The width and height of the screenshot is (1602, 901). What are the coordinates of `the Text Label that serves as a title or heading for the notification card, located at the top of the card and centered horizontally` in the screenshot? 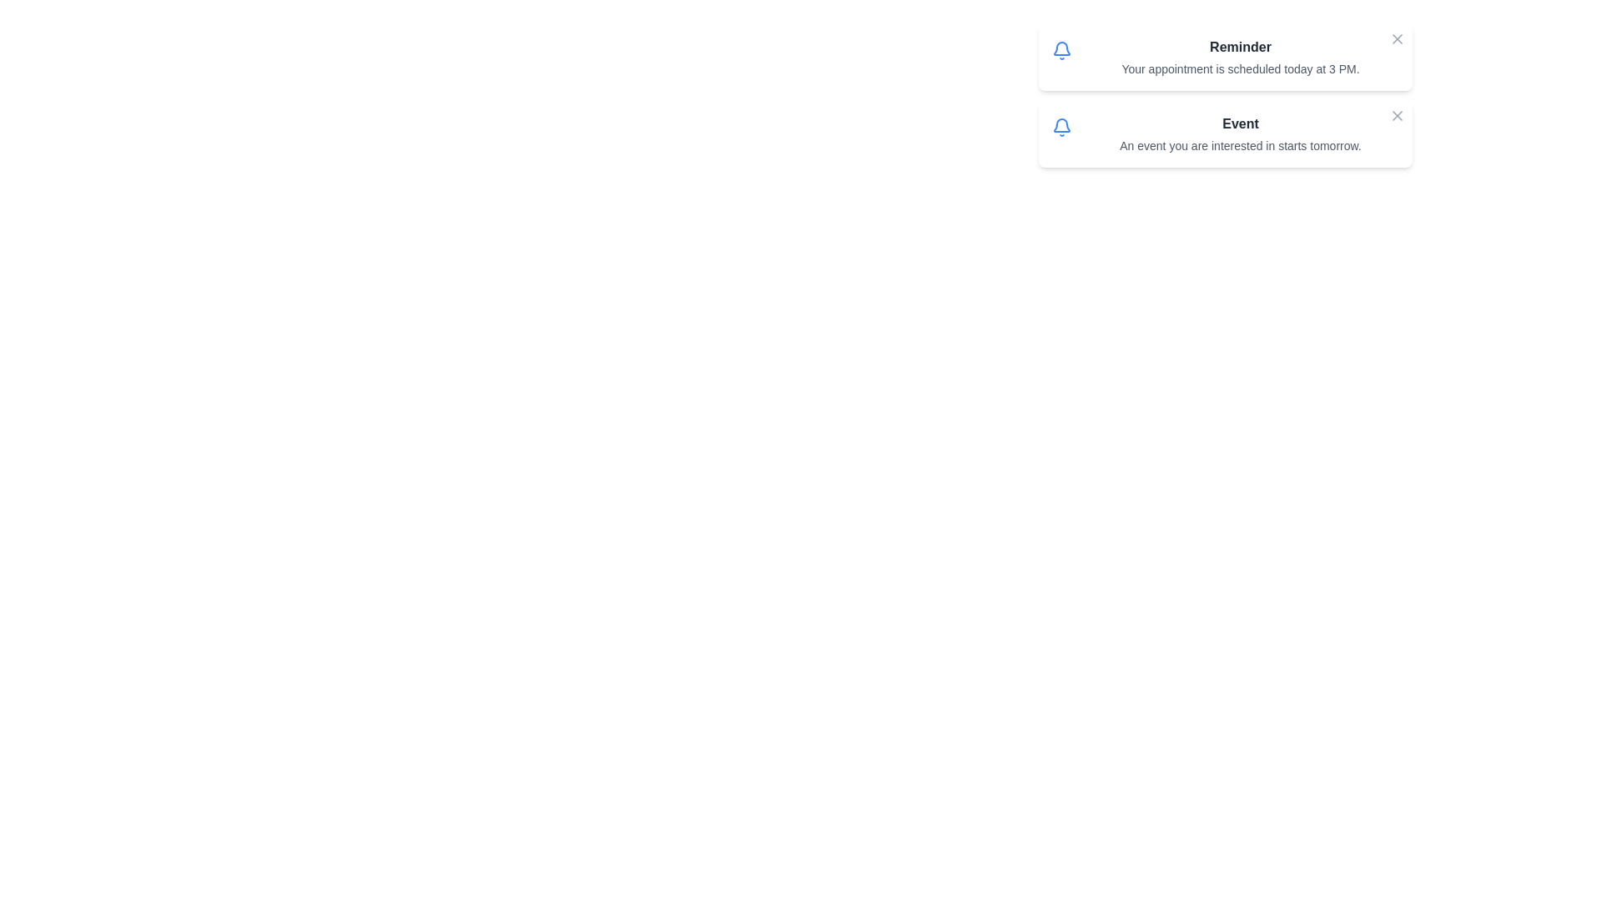 It's located at (1241, 123).